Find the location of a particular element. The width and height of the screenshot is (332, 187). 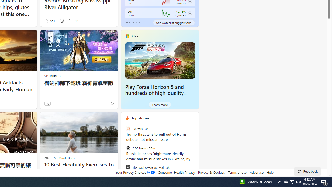

'tab-4' is located at coordinates (139, 22).